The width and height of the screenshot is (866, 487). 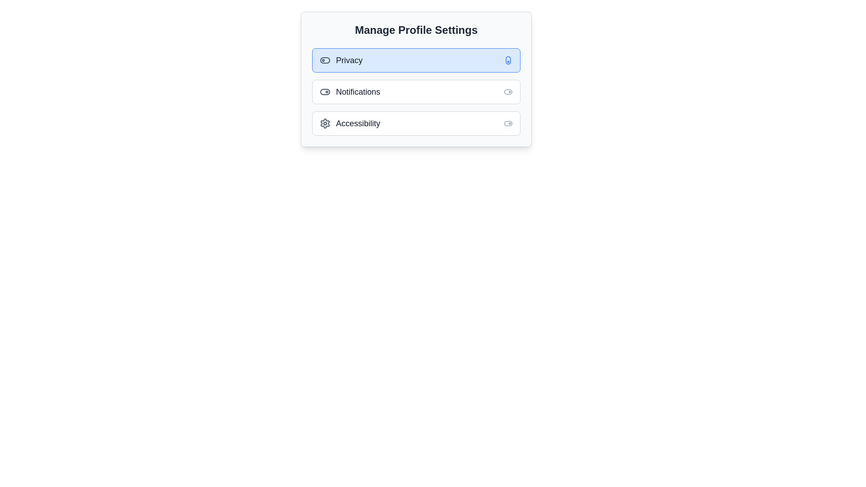 I want to click on the 'Notifications' button in the 'Manage Profile Settings' panel to interact with the toggle switch, so click(x=415, y=92).